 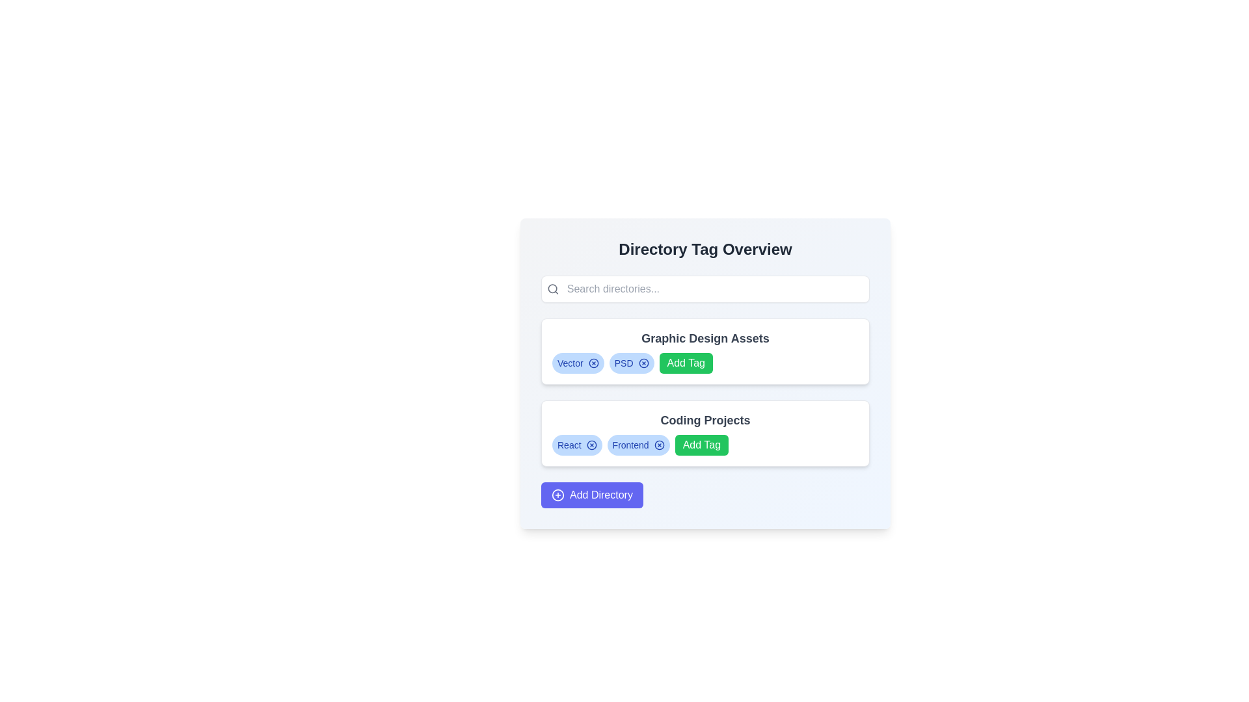 I want to click on the circular graphic element resembling a donut next to the 'React' tag in the 'Coding Projects' card, so click(x=591, y=445).